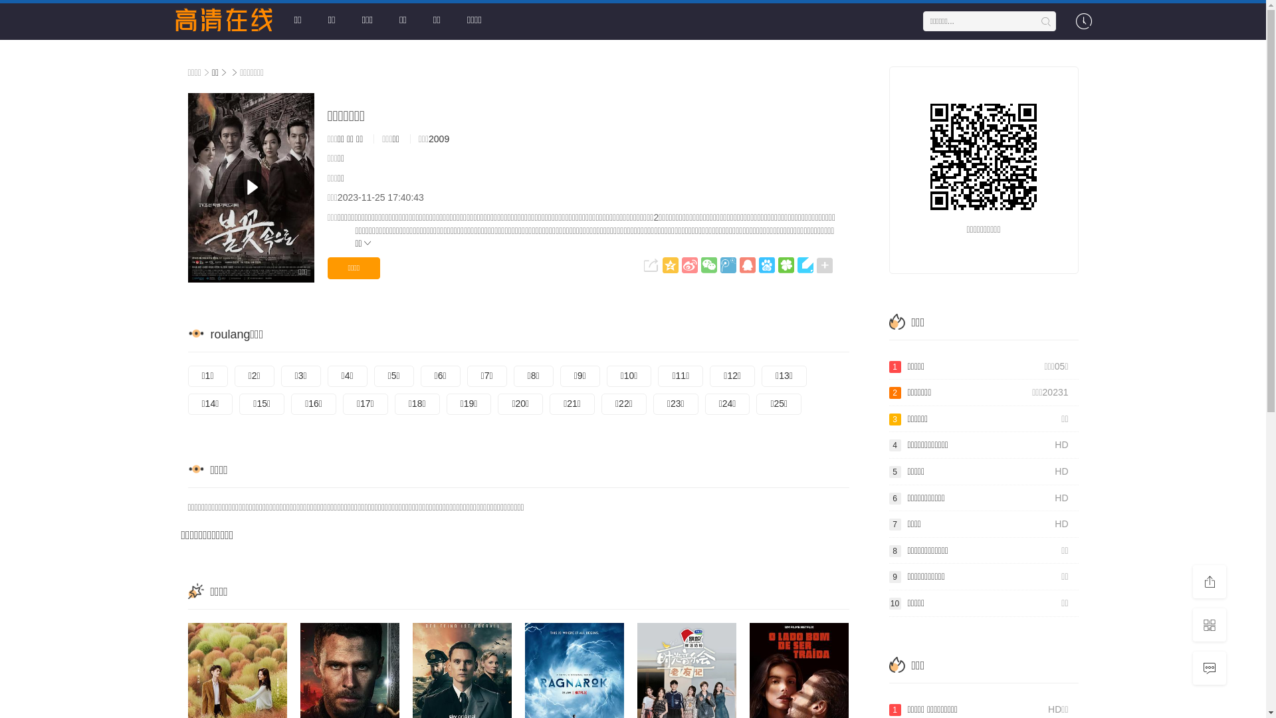 The height and width of the screenshot is (718, 1276). What do you see at coordinates (439, 138) in the screenshot?
I see `'2009'` at bounding box center [439, 138].